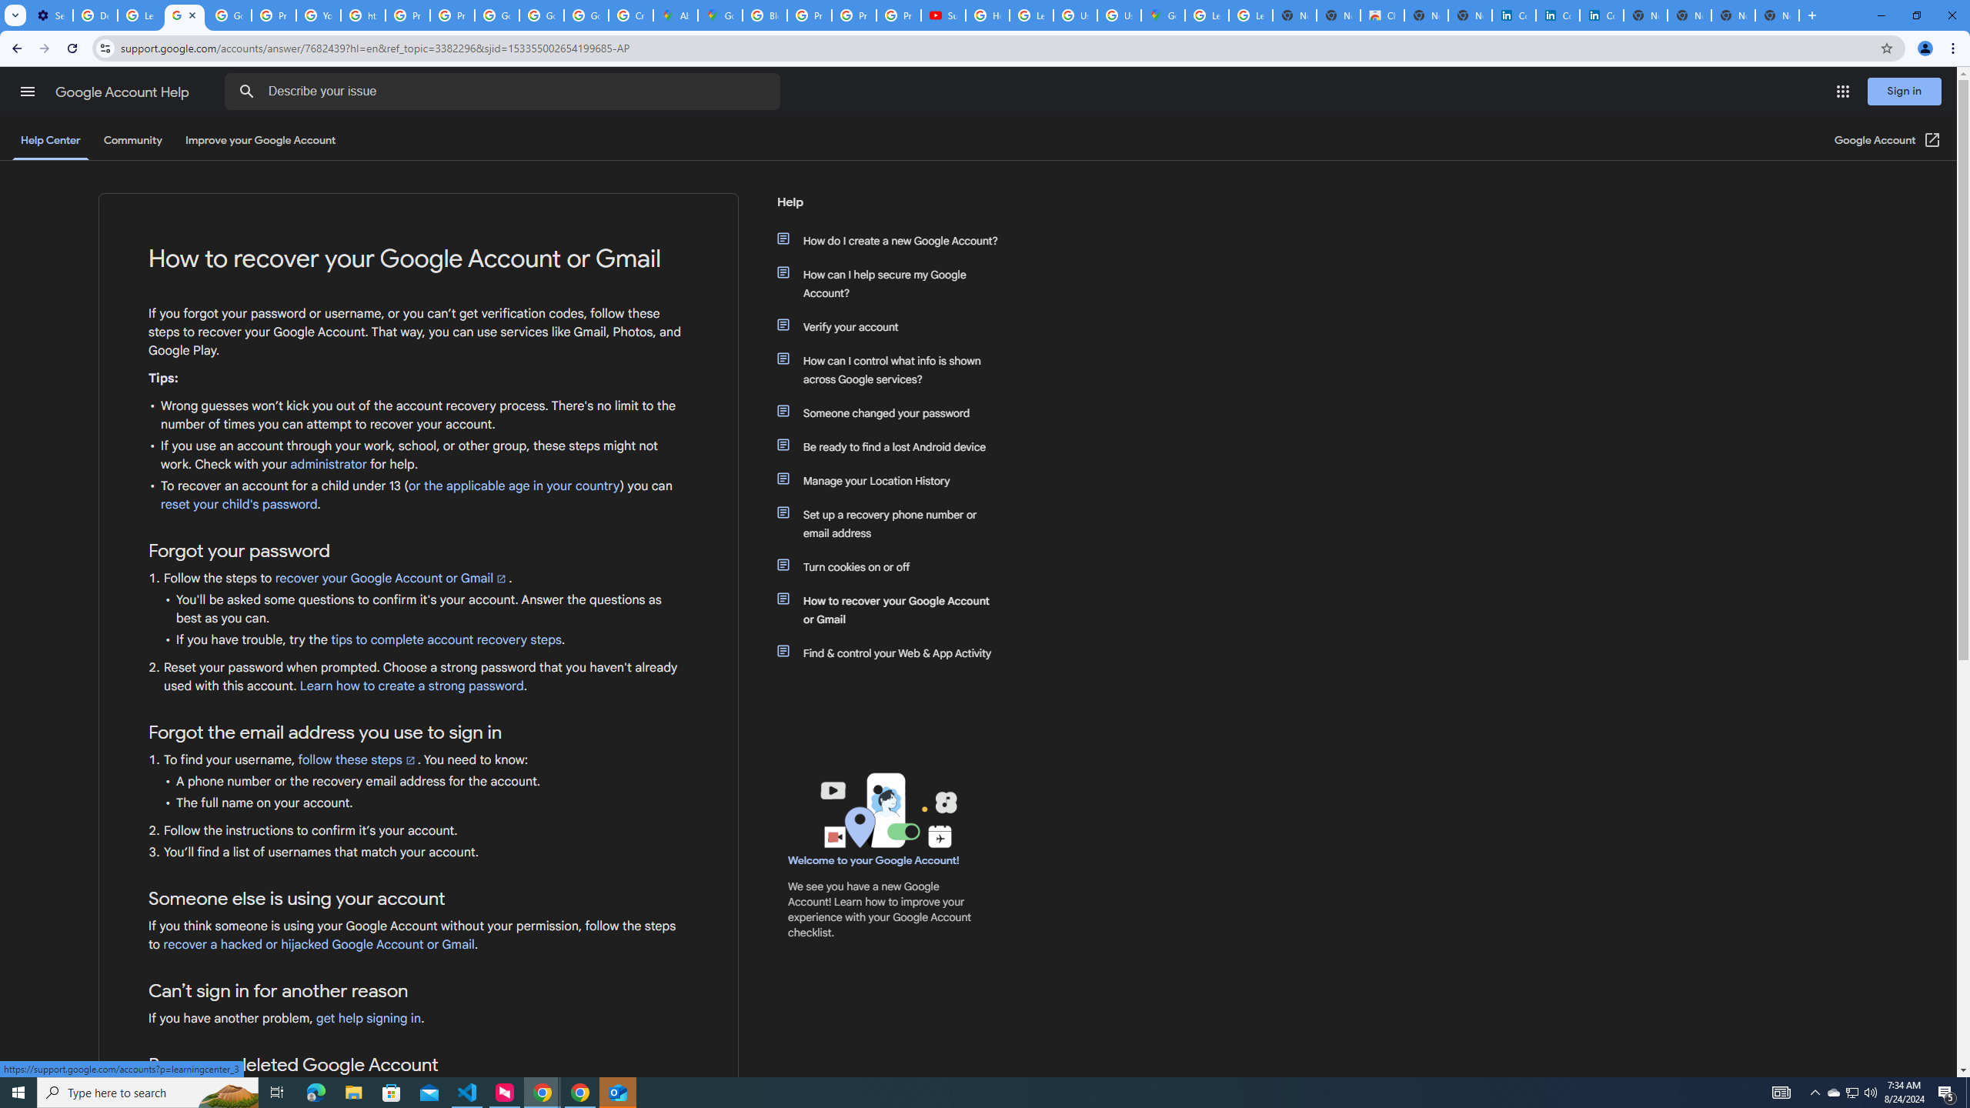 Image resolution: width=1970 pixels, height=1108 pixels. What do you see at coordinates (894, 566) in the screenshot?
I see `'Turn cookies on or off'` at bounding box center [894, 566].